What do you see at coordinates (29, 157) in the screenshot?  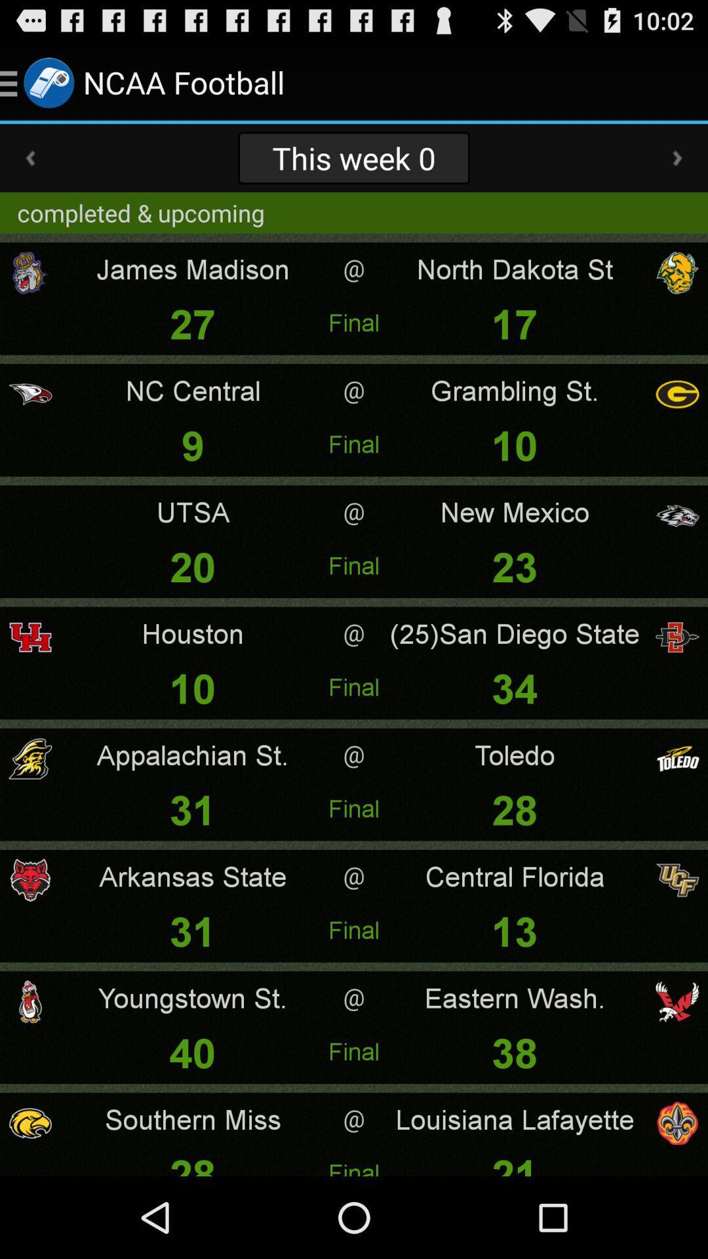 I see `icon next to this week 0 app` at bounding box center [29, 157].